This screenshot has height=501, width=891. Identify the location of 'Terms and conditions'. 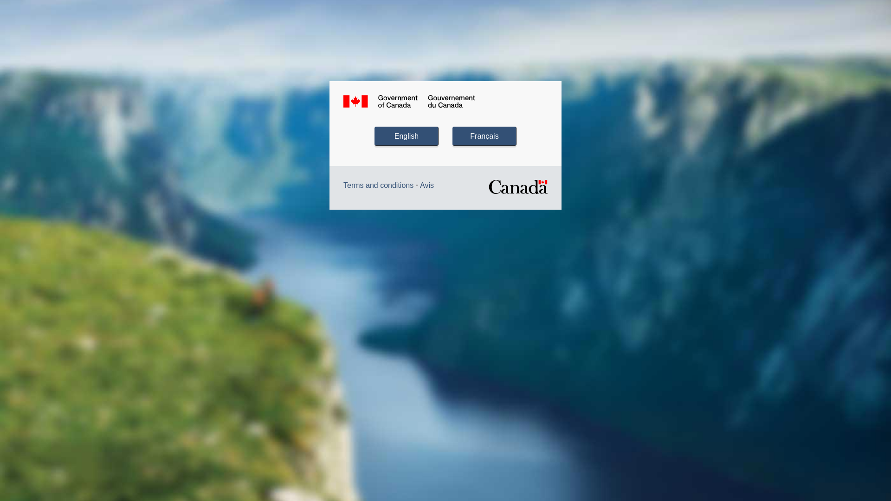
(342, 185).